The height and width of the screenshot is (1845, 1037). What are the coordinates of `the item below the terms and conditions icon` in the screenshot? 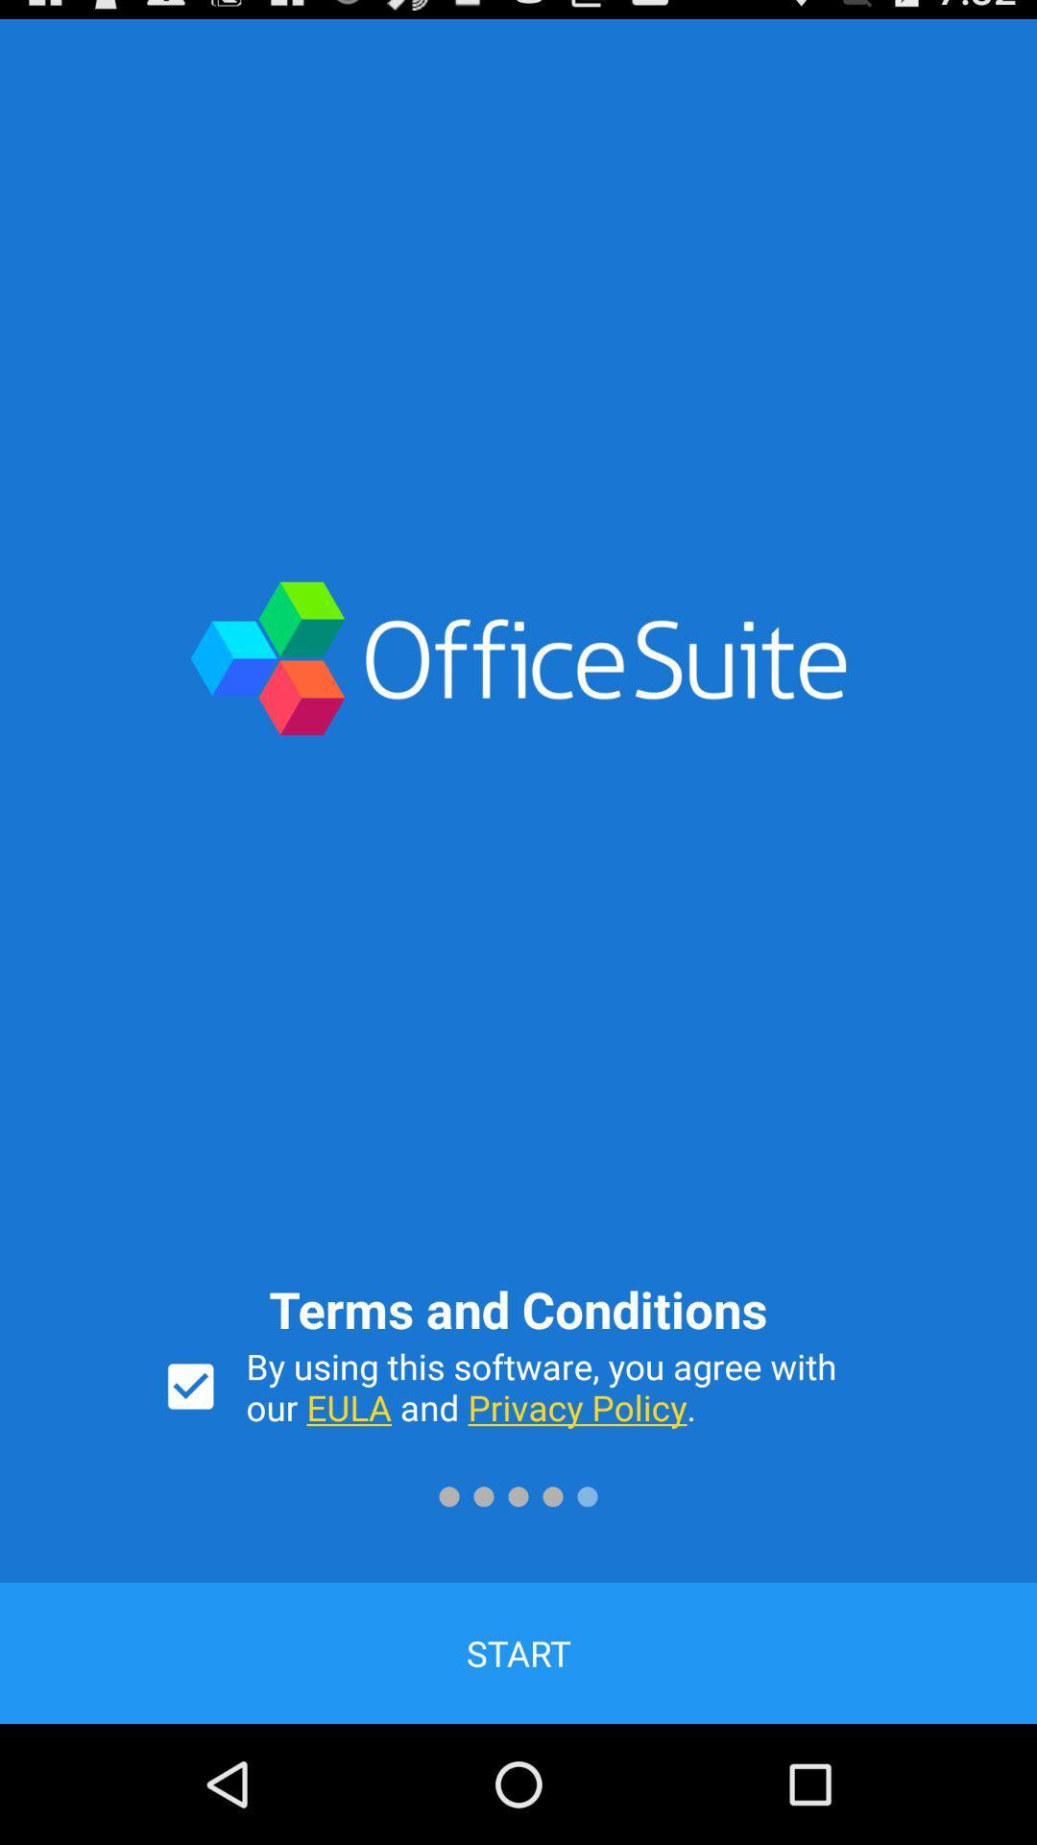 It's located at (561, 1387).